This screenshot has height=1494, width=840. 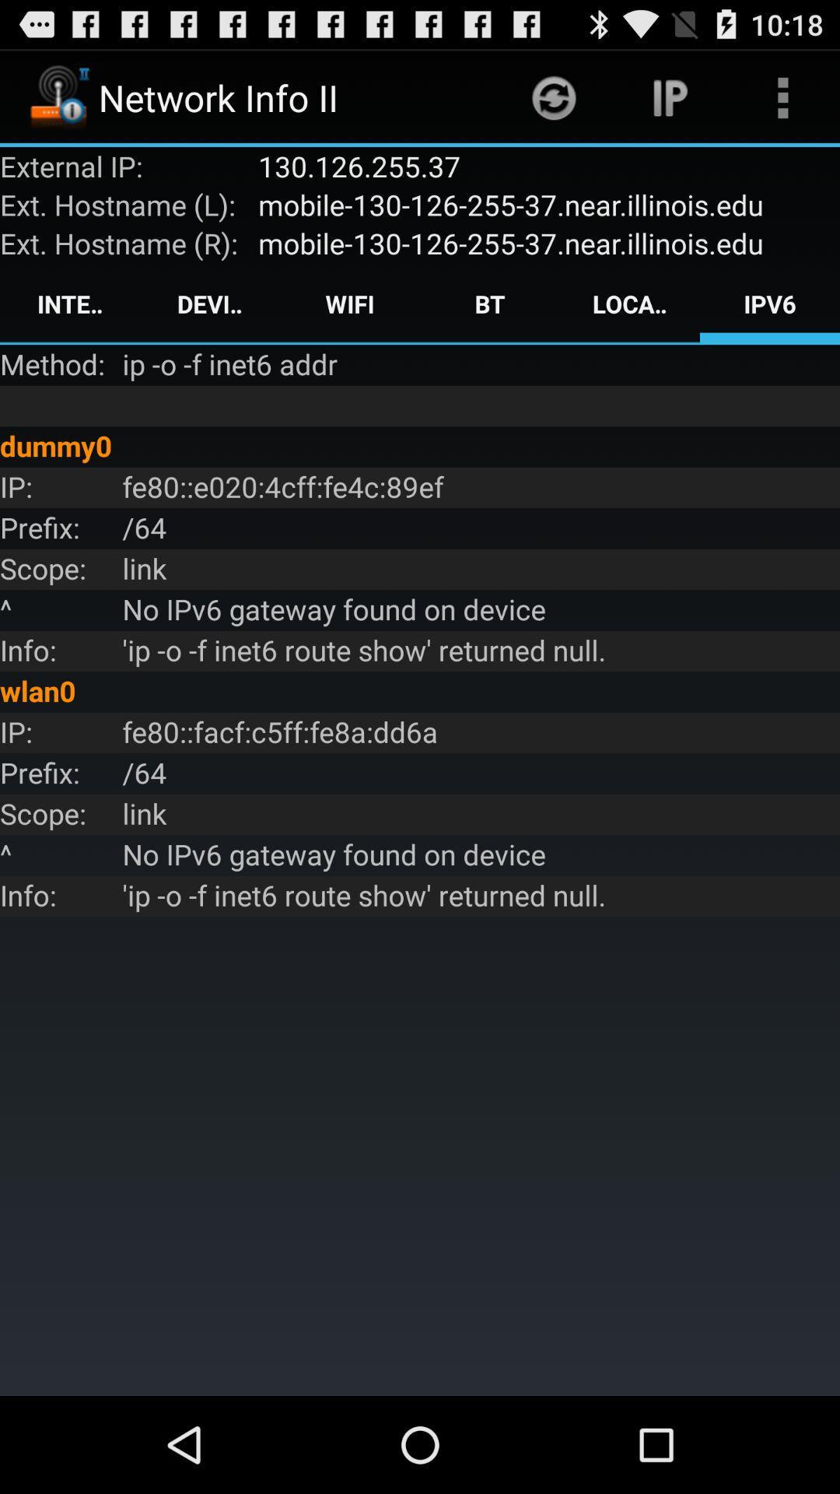 I want to click on app above the ip o f app, so click(x=630, y=303).